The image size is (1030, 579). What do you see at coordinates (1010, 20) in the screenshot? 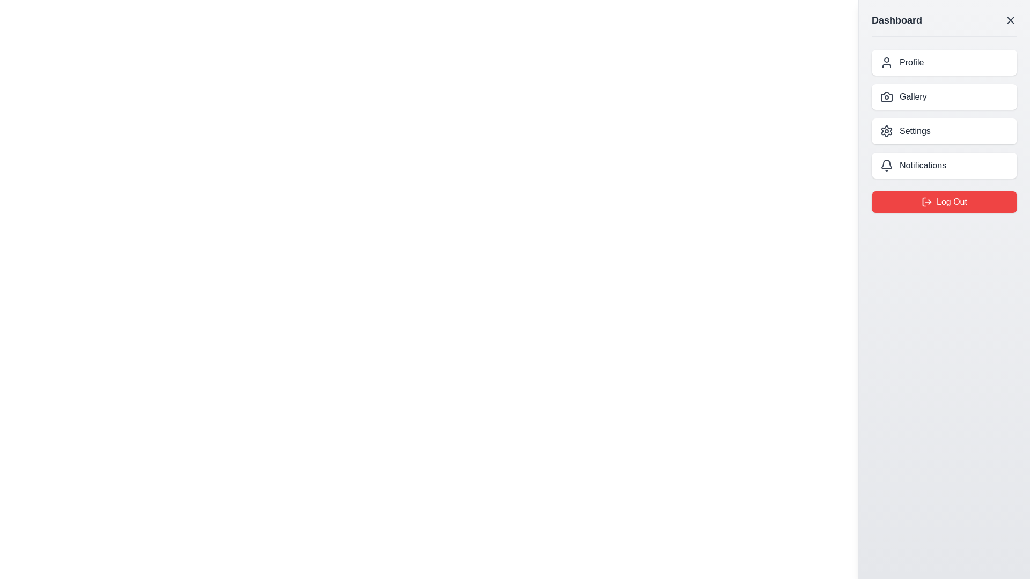
I see `the 'X' icon button in the top-right corner of the dashboard` at bounding box center [1010, 20].